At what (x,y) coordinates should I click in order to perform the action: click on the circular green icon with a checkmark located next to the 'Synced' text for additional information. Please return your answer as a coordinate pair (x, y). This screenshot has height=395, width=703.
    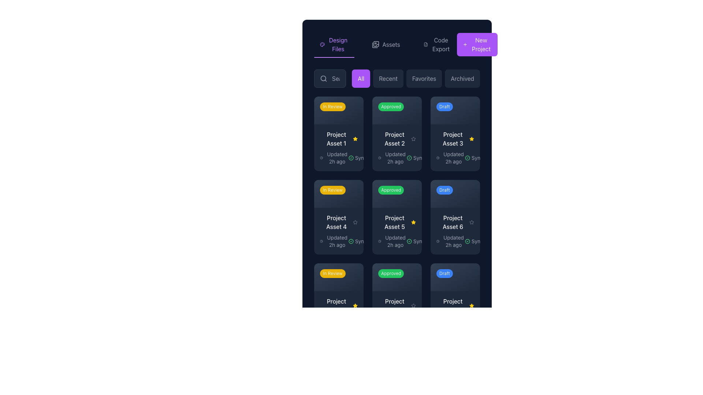
    Looking at the image, I should click on (409, 157).